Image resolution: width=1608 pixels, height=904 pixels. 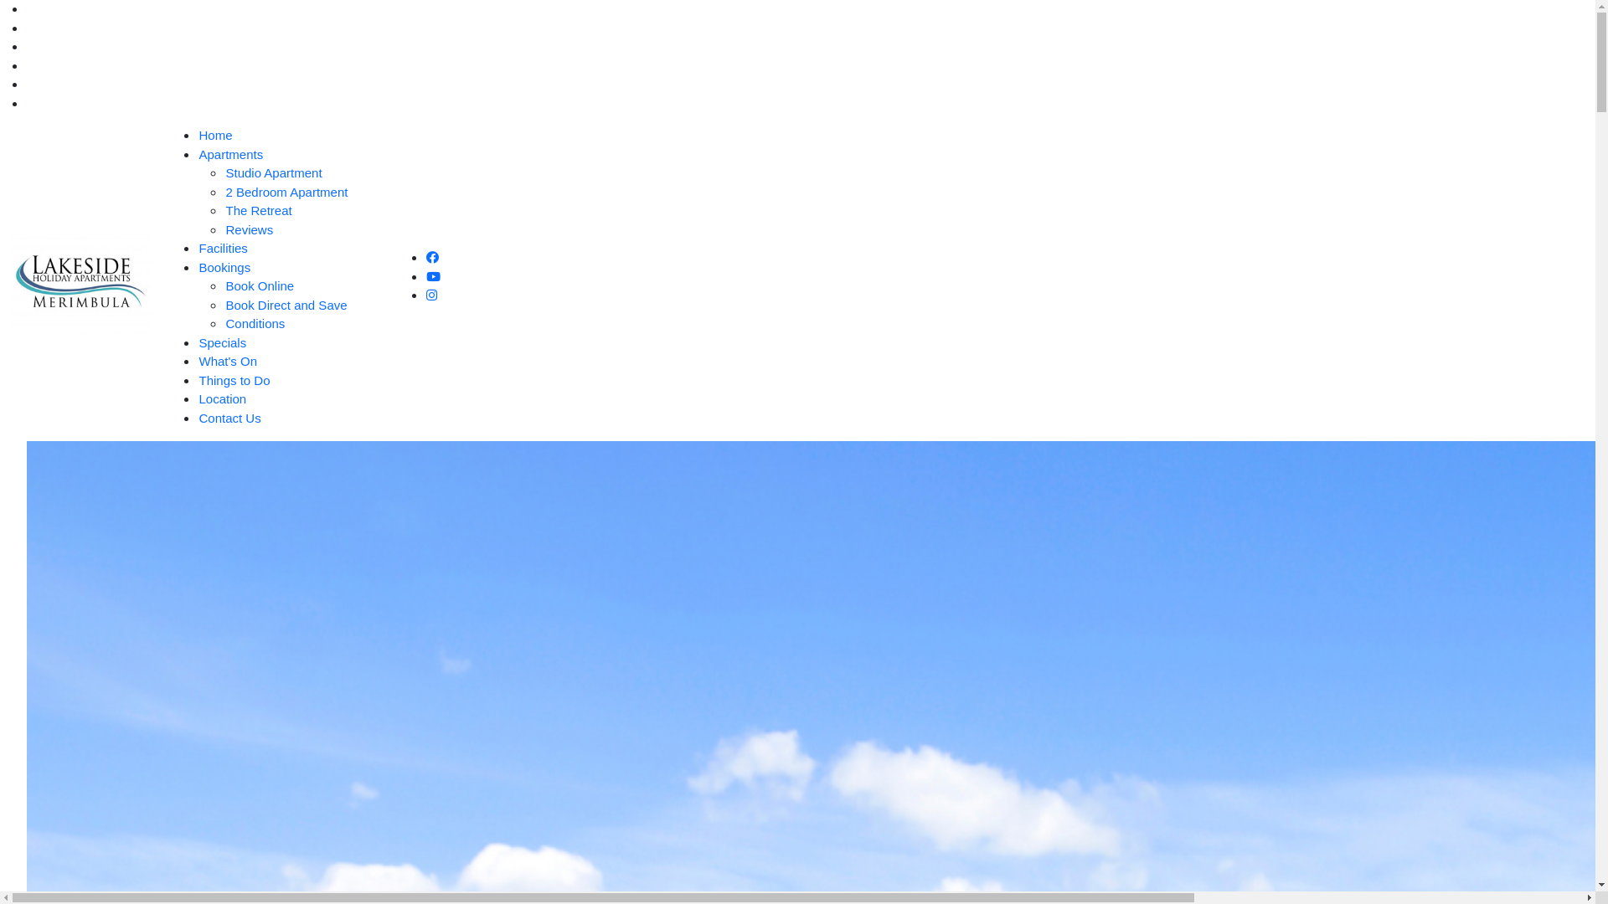 What do you see at coordinates (224, 265) in the screenshot?
I see `'Bookings'` at bounding box center [224, 265].